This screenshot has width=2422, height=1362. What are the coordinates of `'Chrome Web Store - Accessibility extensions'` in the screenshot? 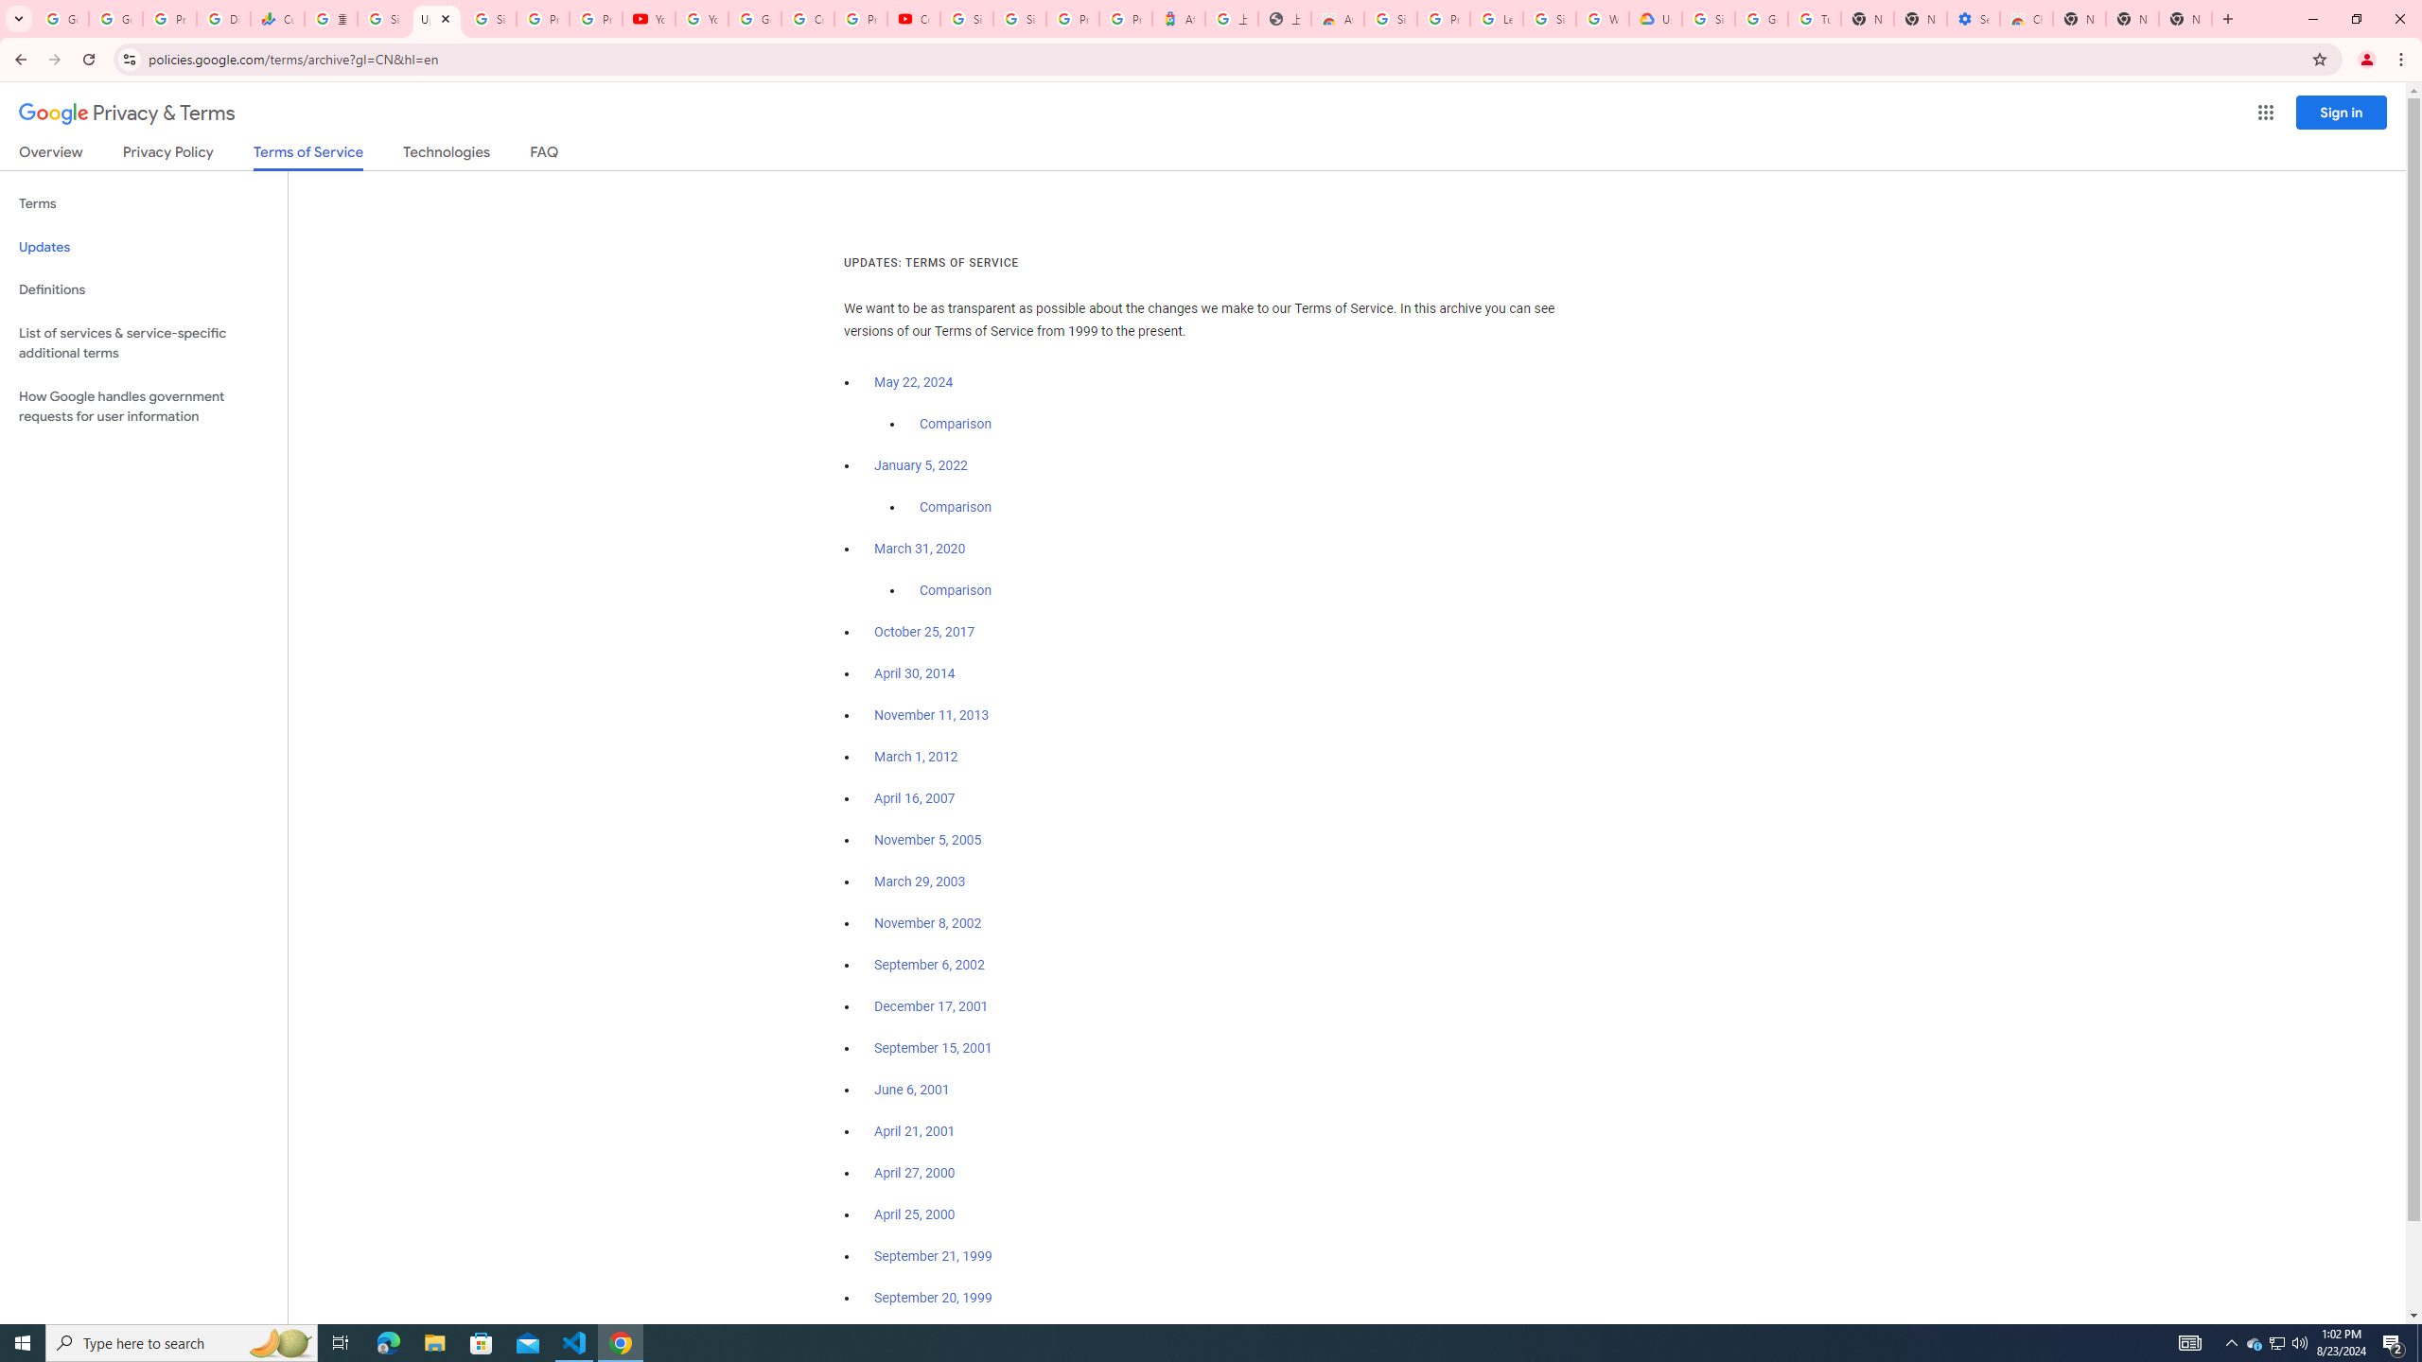 It's located at (2025, 18).